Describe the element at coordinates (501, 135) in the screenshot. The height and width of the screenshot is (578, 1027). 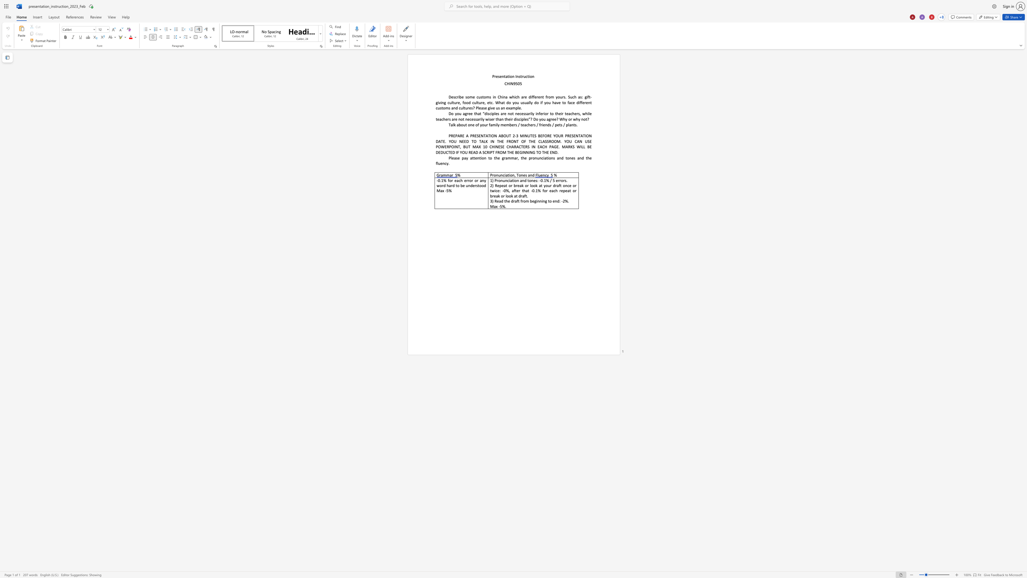
I see `the space between the continuous character "A" and "B" in the text` at that location.